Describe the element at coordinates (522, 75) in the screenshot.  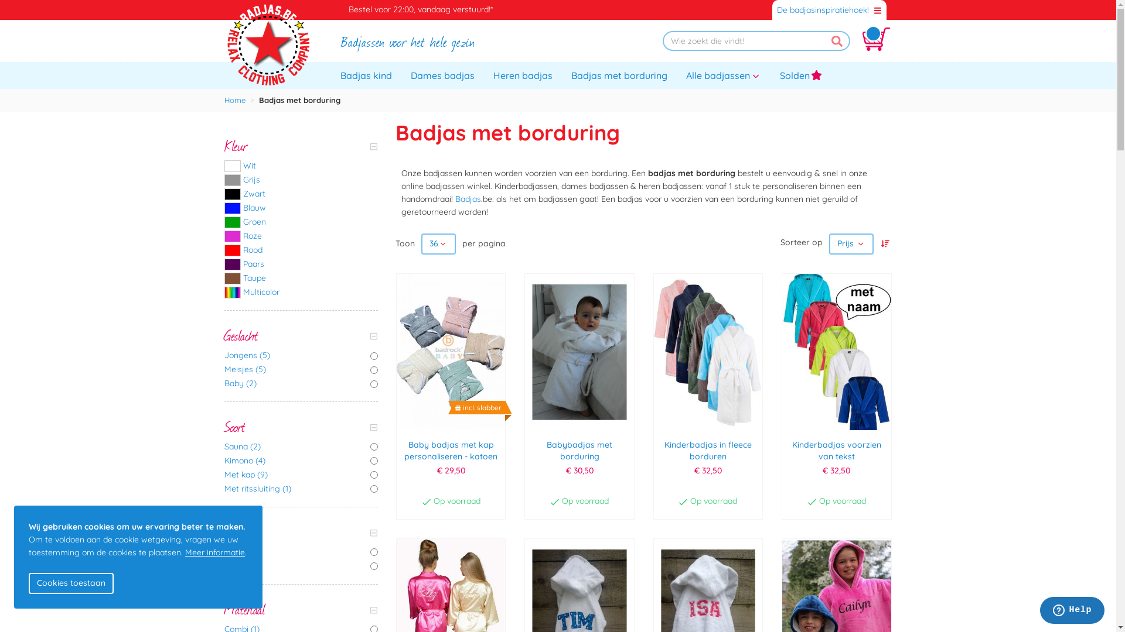
I see `'Heren badjas'` at that location.